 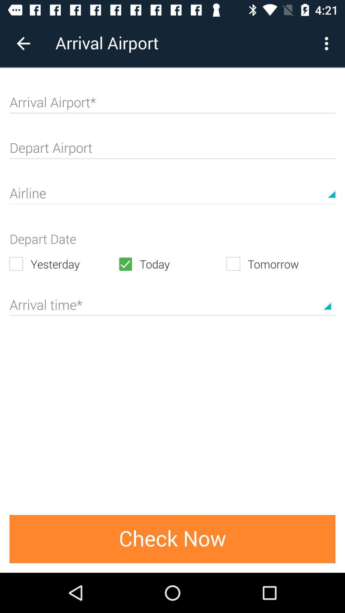 What do you see at coordinates (172, 264) in the screenshot?
I see `item next to the tomorrow icon` at bounding box center [172, 264].